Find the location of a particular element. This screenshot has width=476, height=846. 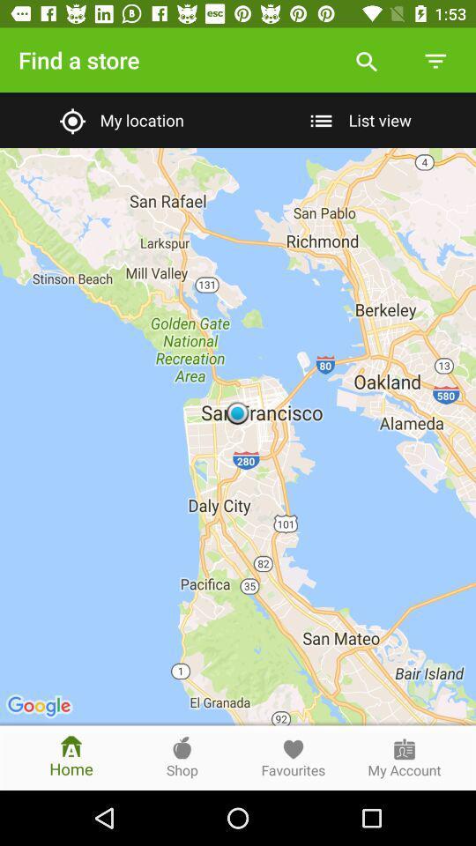

the item to the right of my location item is located at coordinates (357, 119).